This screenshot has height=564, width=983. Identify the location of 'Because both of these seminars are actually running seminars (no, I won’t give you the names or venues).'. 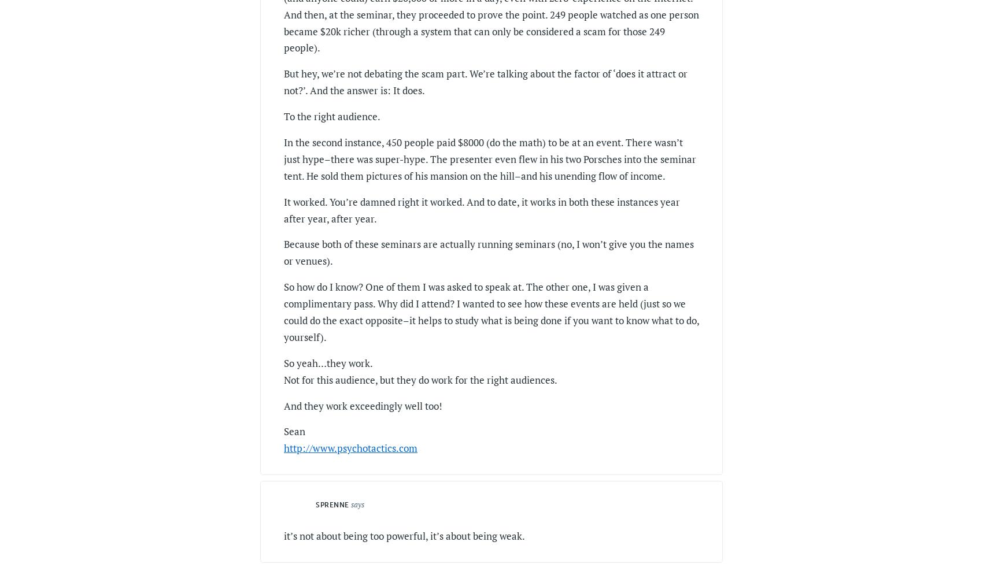
(488, 251).